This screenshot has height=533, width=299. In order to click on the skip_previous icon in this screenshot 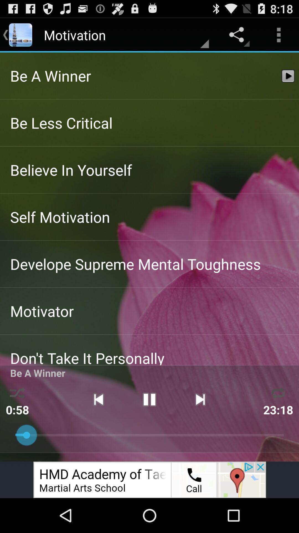, I will do `click(98, 427)`.